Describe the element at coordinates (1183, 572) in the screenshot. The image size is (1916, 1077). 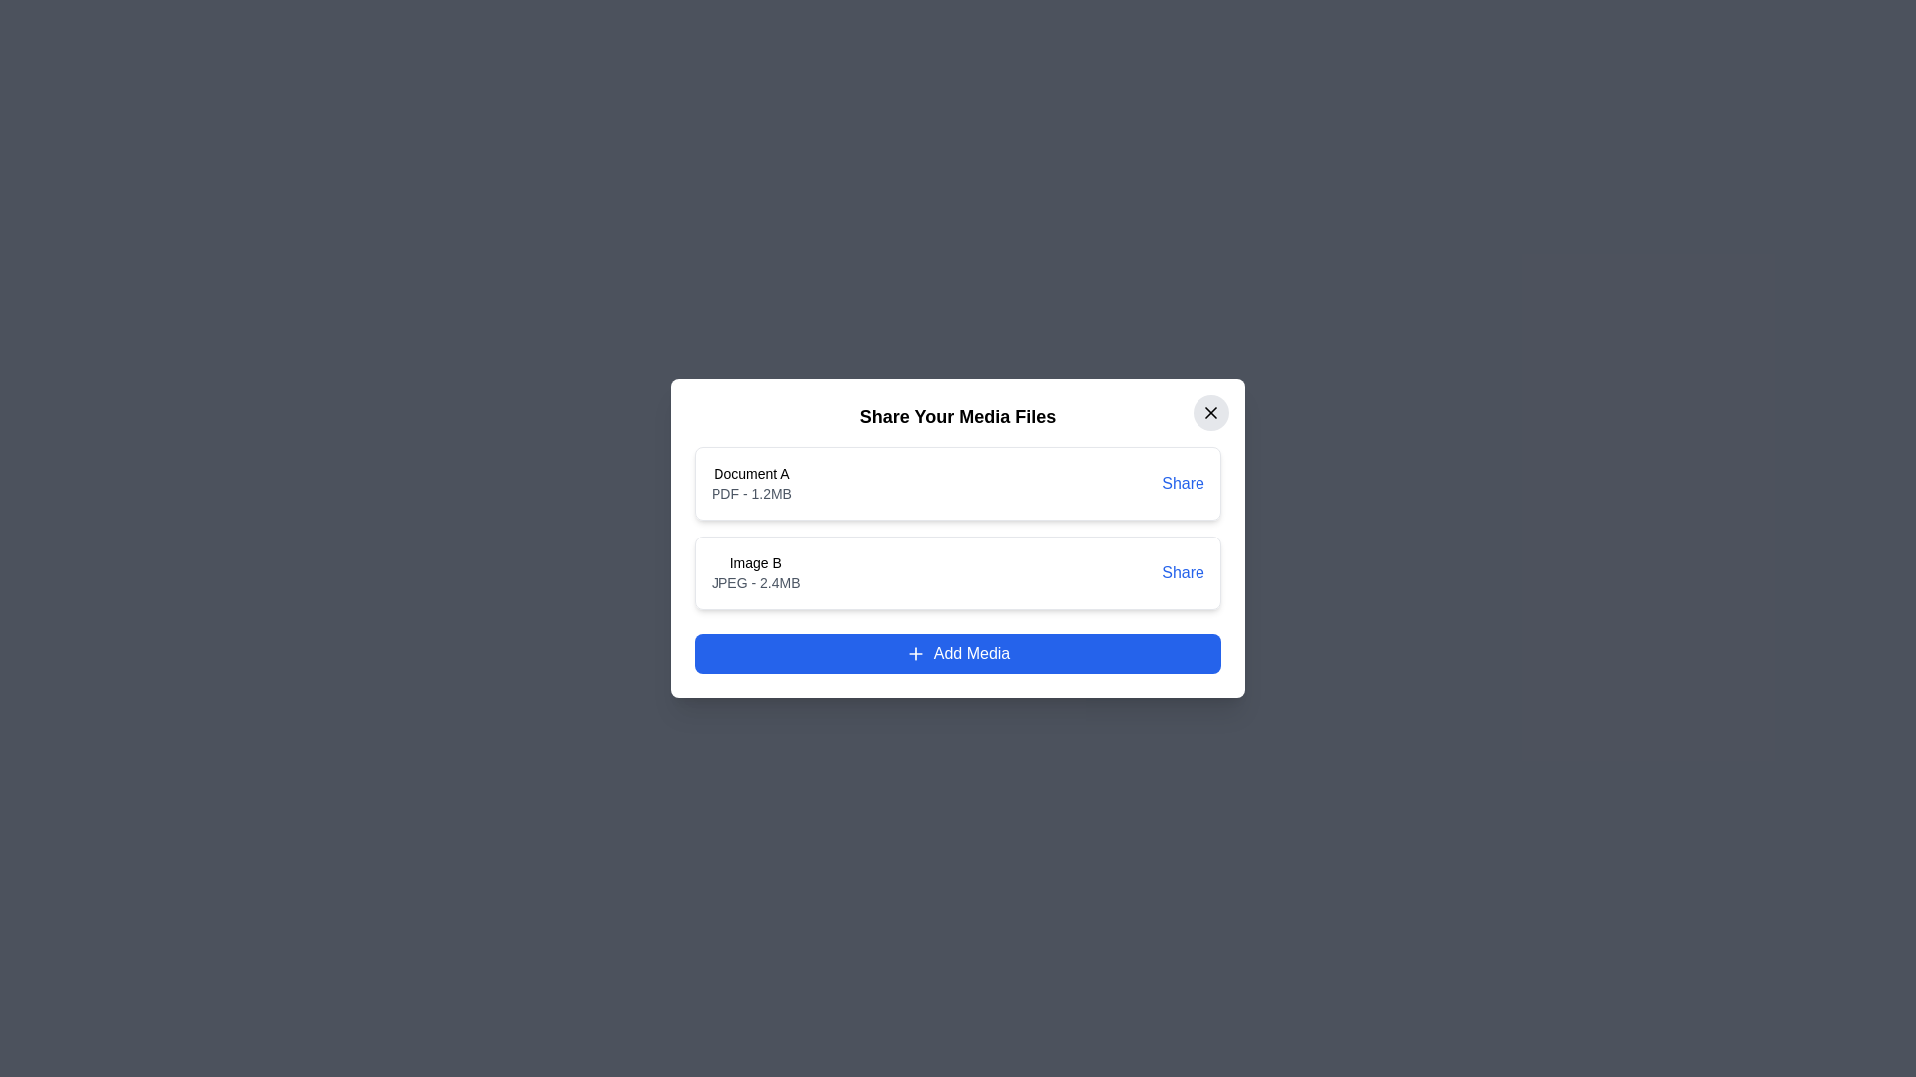
I see `'Share' button for the media item identified by Image B` at that location.